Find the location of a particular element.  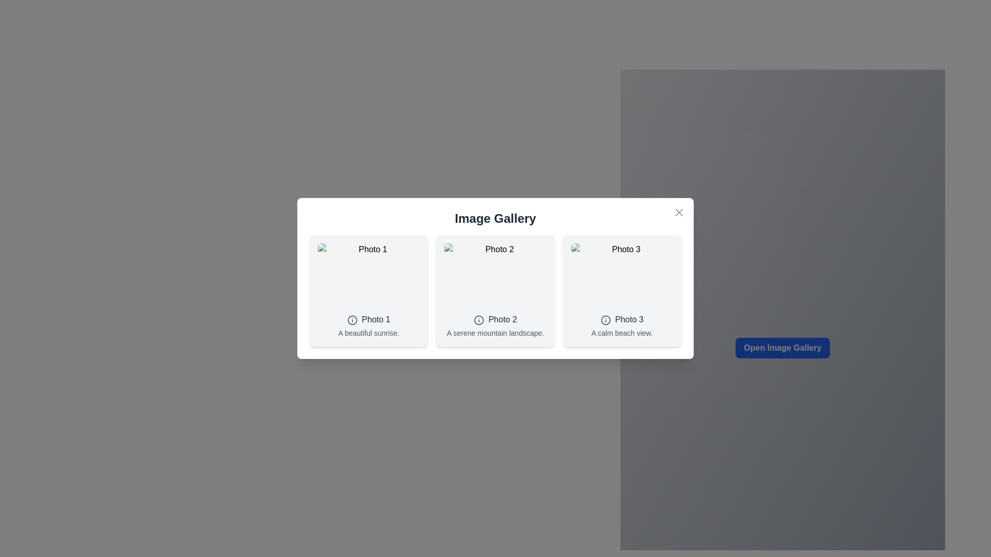

the topmost image element associated with 'Photo 2', which serves as a visual representation of 'A serene mountain landscape.' is located at coordinates (495, 276).